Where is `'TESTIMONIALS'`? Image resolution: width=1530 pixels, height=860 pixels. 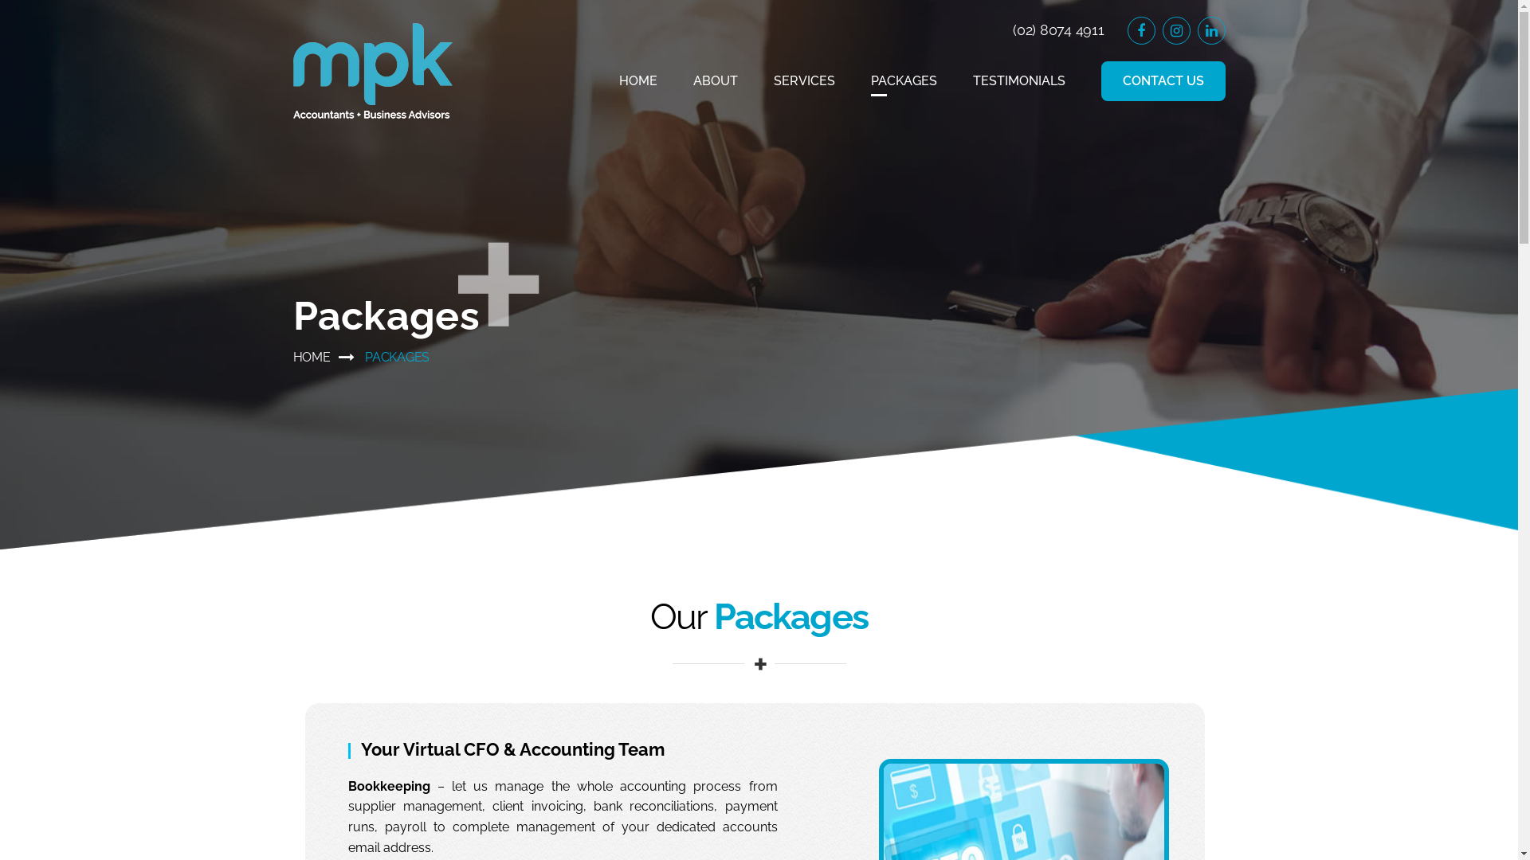 'TESTIMONIALS' is located at coordinates (1017, 80).